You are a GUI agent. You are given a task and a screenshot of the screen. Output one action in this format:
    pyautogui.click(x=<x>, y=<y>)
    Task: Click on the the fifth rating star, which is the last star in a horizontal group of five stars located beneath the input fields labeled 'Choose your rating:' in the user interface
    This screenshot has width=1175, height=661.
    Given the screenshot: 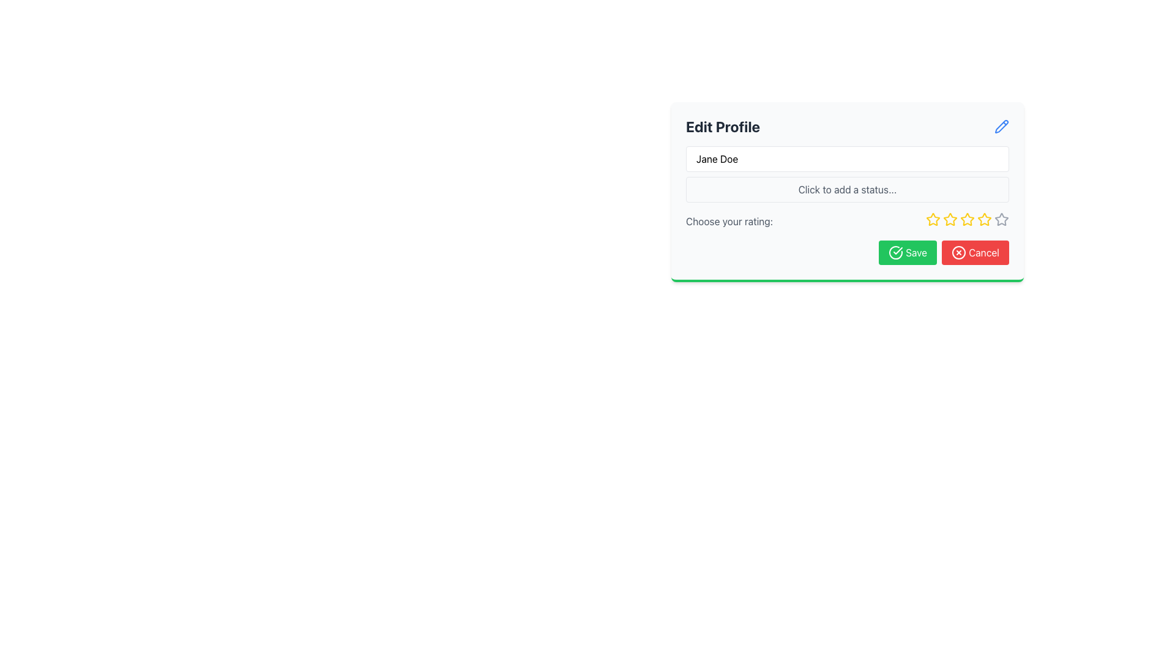 What is the action you would take?
    pyautogui.click(x=1001, y=218)
    